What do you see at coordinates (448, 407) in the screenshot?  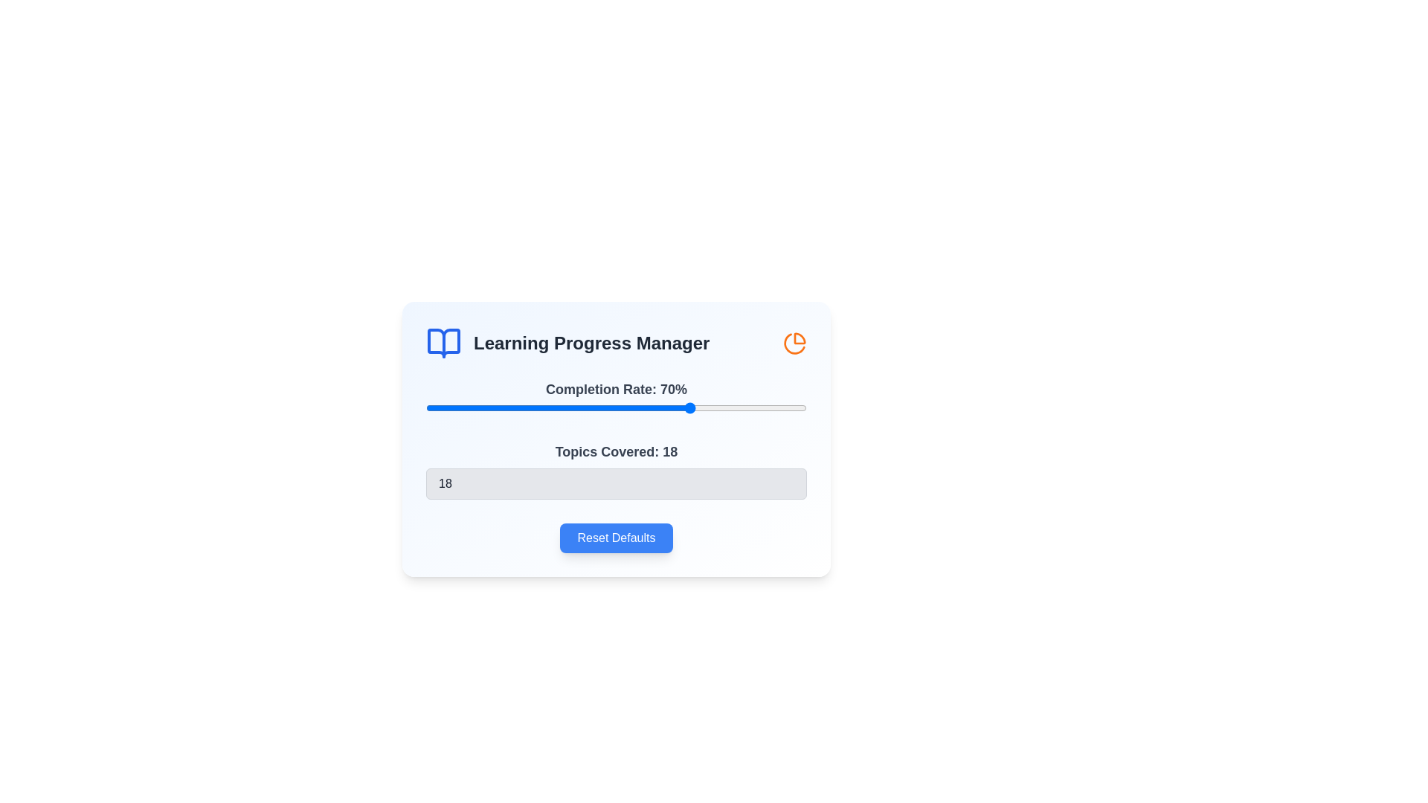 I see `the completion rate slider to 6%` at bounding box center [448, 407].